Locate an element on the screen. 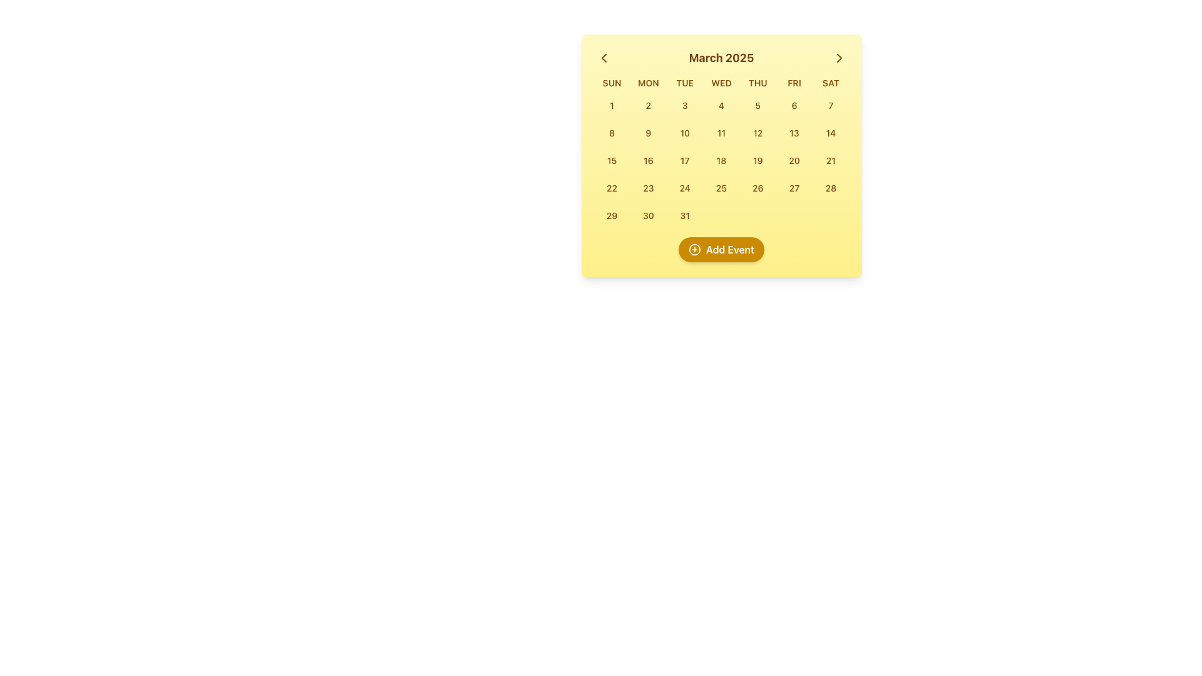 This screenshot has width=1202, height=676. the text label displaying the date '8' in the calendar grid for the second Sunday in March 2025 is located at coordinates (612, 133).